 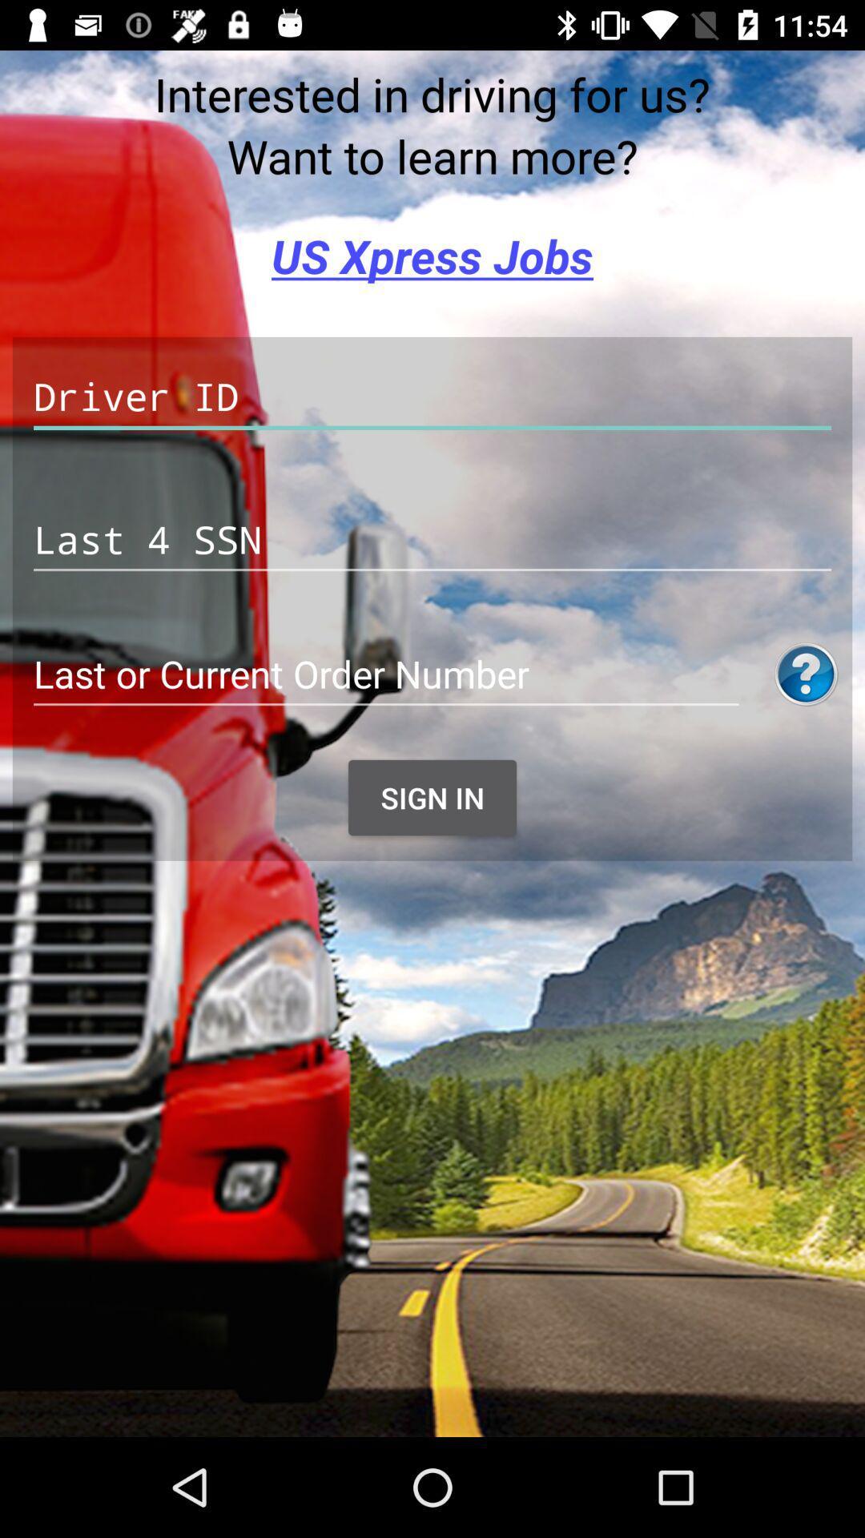 What do you see at coordinates (432, 397) in the screenshot?
I see `driver id` at bounding box center [432, 397].